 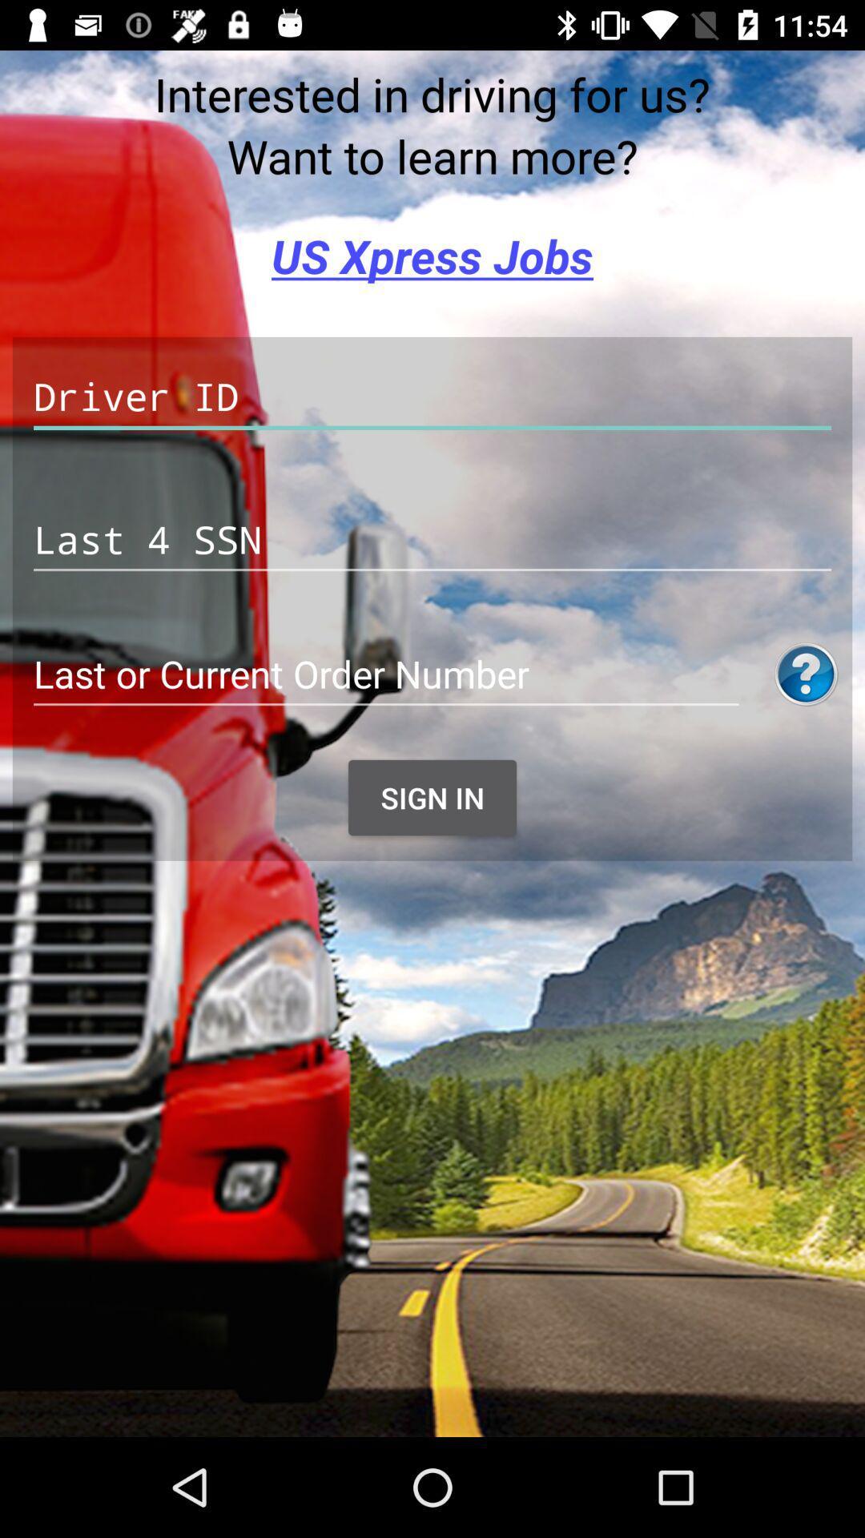 What do you see at coordinates (432, 397) in the screenshot?
I see `driver id` at bounding box center [432, 397].